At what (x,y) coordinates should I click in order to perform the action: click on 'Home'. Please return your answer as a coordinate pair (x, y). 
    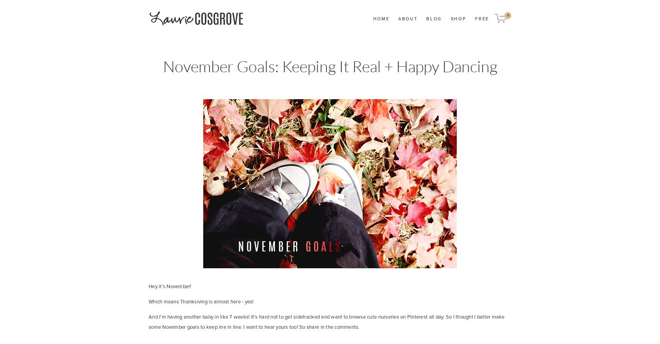
    Looking at the image, I should click on (381, 18).